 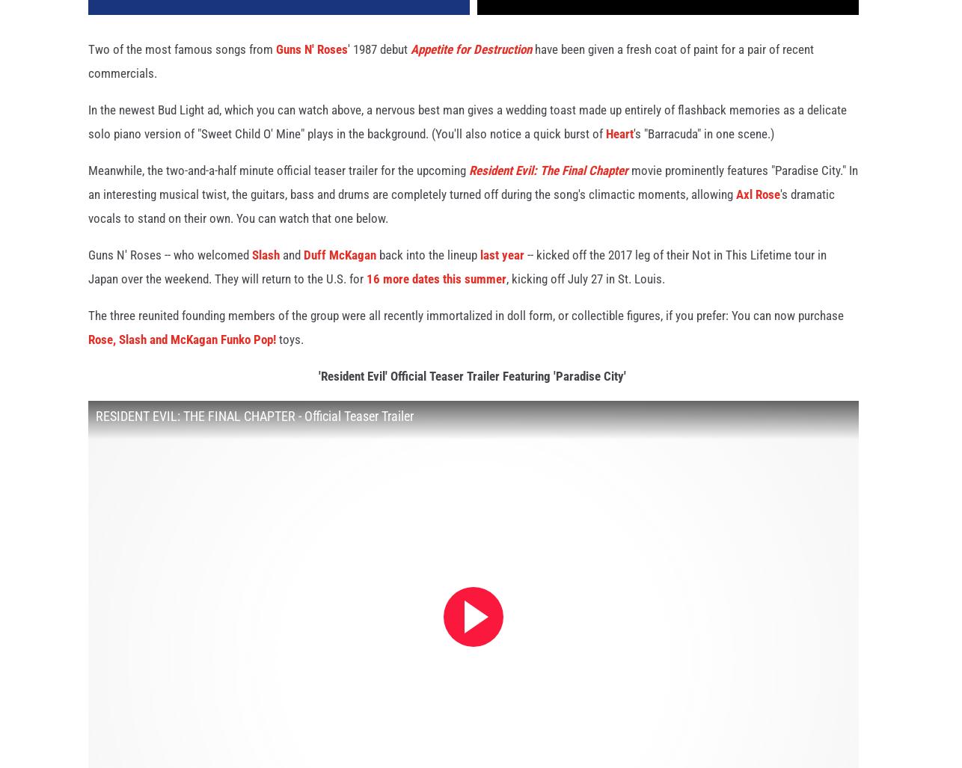 I want to click on 'Guns N' Roses -- who welcomed', so click(x=170, y=271).